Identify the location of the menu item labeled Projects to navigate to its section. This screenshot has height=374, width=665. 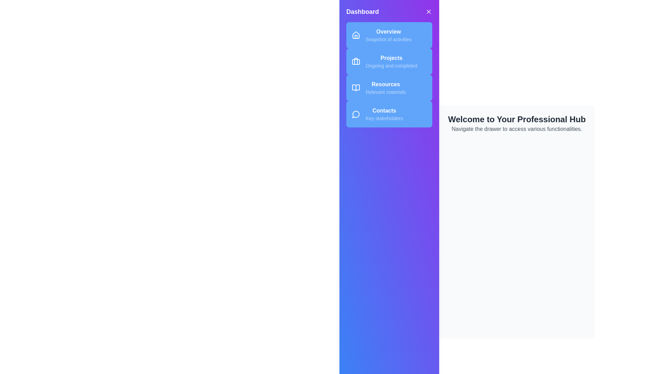
(389, 61).